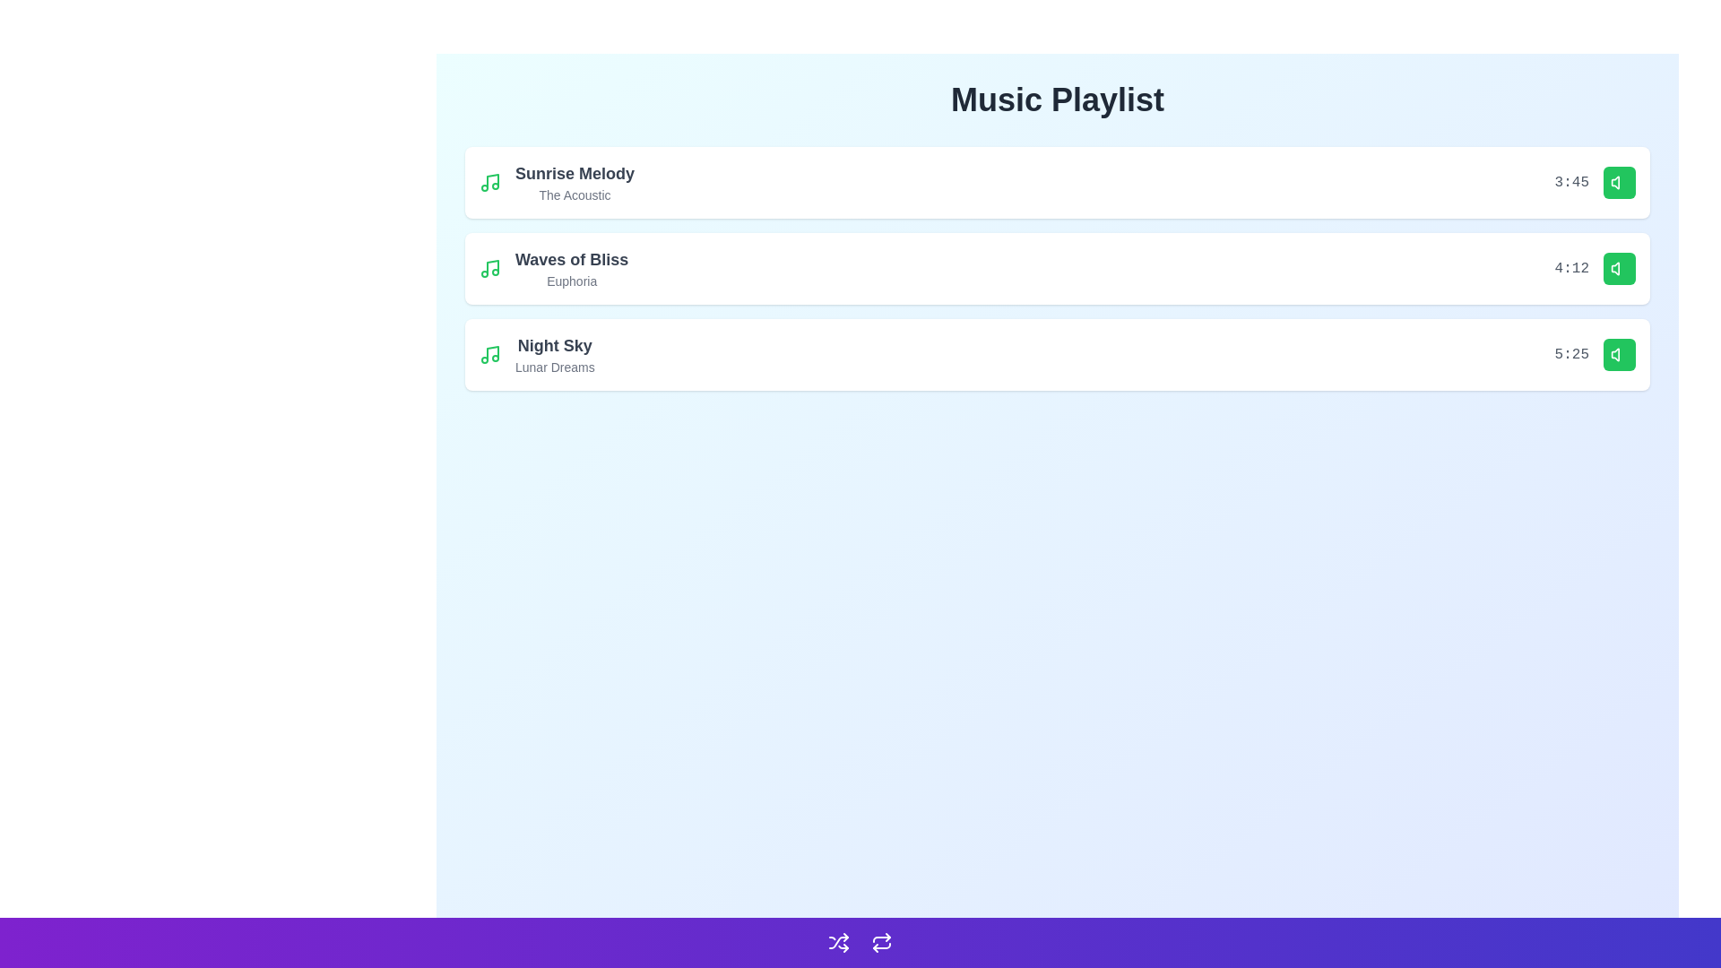  I want to click on the leftmost volume icon detail representing louder volume for the song 'Sunrise Melody', so click(1615, 183).